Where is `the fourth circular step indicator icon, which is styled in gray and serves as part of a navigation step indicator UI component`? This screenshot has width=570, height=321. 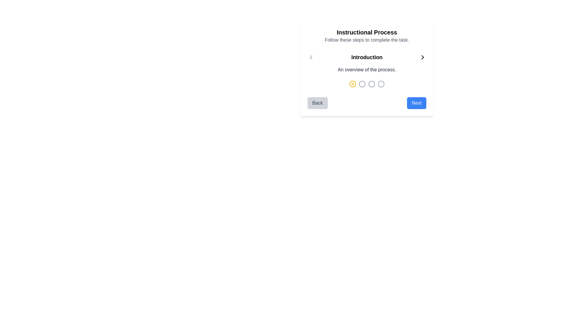 the fourth circular step indicator icon, which is styled in gray and serves as part of a navigation step indicator UI component is located at coordinates (381, 84).